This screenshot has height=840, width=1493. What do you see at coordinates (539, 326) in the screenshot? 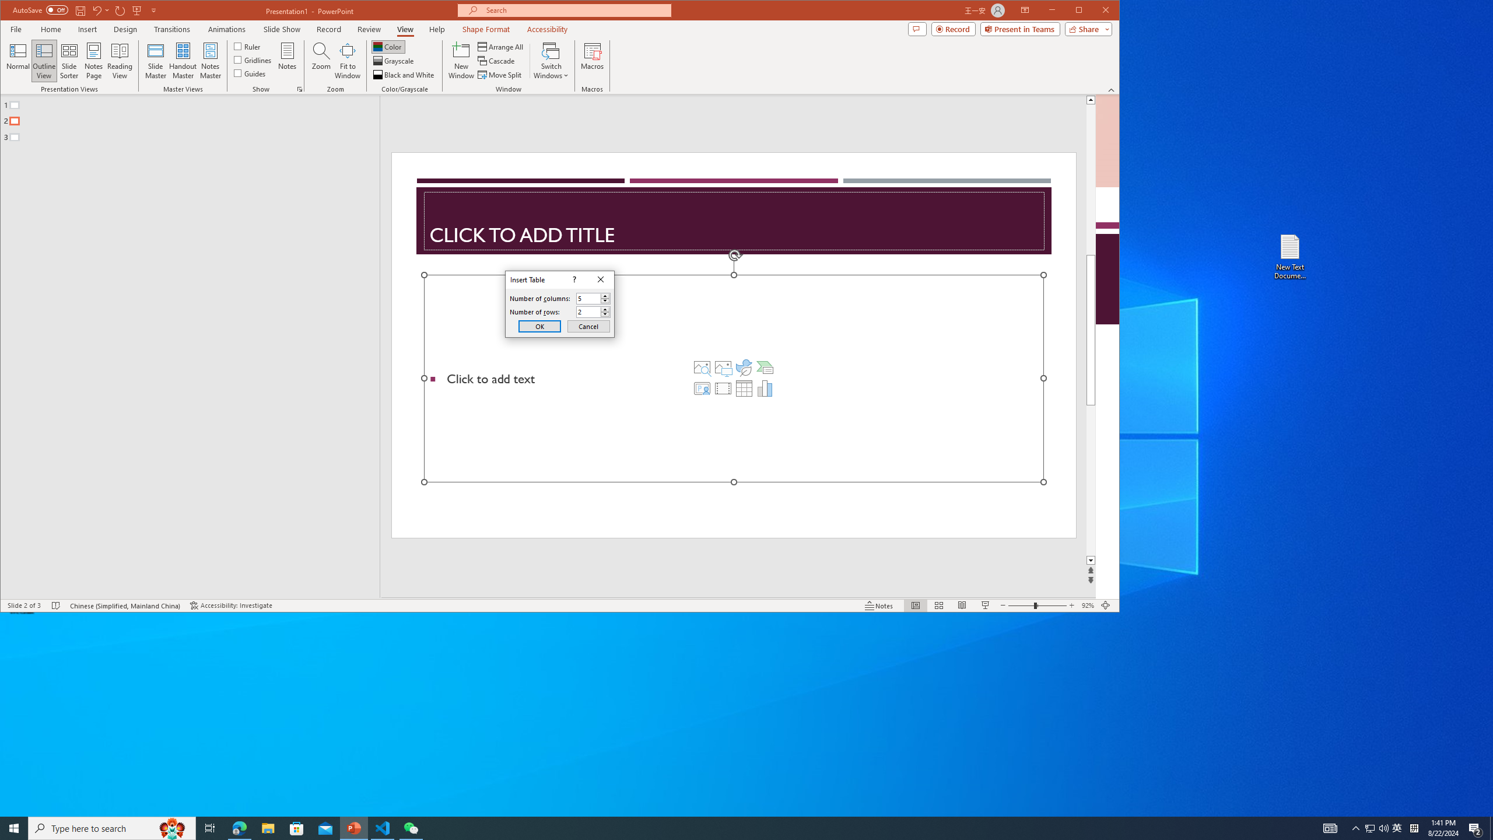
I see `'OK'` at bounding box center [539, 326].